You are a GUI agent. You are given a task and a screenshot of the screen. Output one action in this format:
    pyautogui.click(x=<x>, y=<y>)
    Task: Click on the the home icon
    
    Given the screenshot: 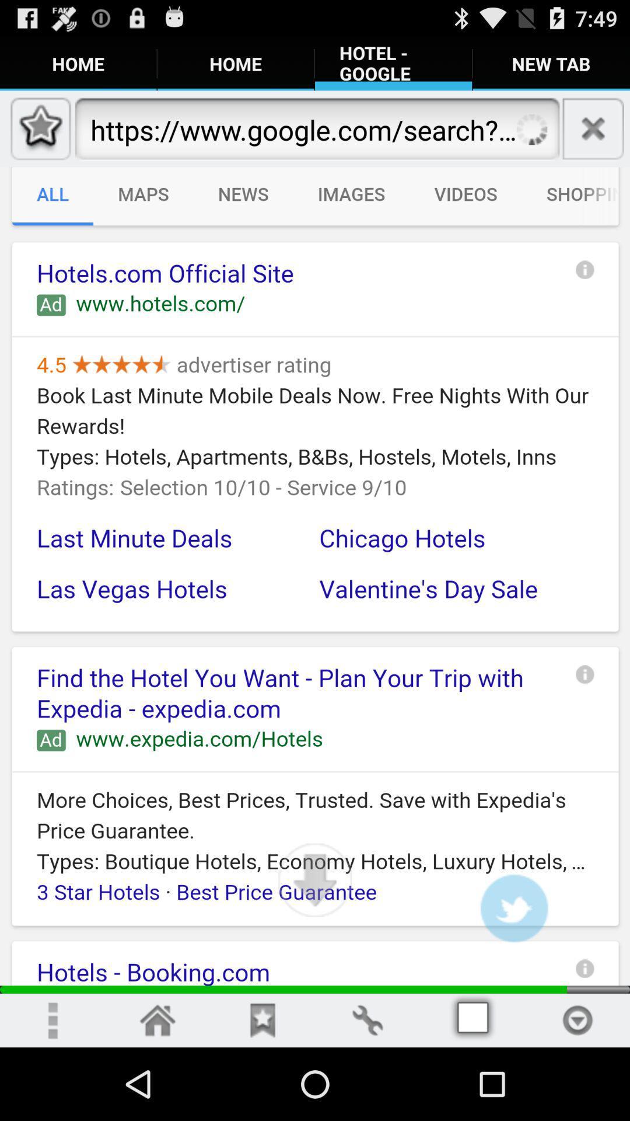 What is the action you would take?
    pyautogui.click(x=157, y=1091)
    